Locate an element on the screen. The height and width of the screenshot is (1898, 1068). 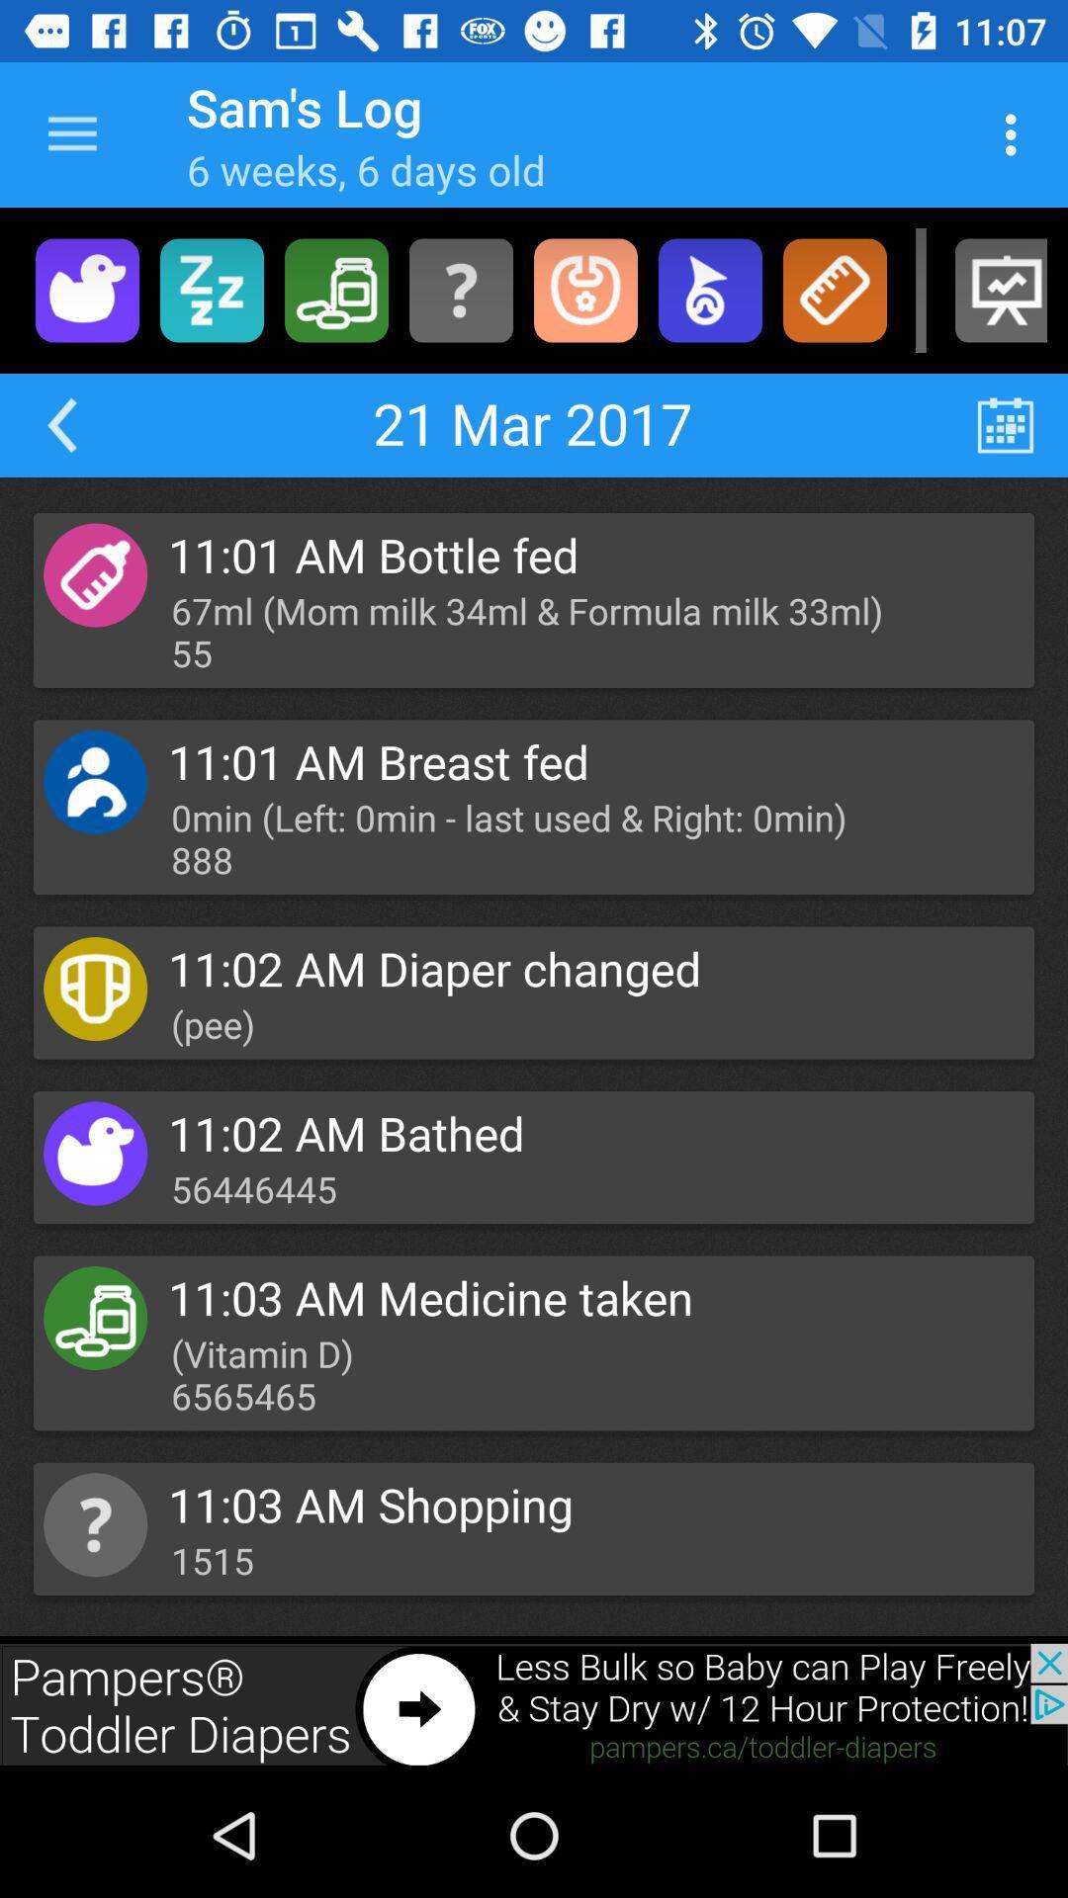
sleep is located at coordinates (212, 289).